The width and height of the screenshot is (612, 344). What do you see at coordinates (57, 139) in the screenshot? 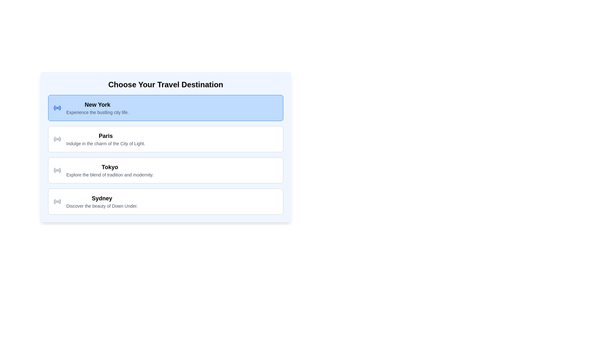
I see `the radio button styled as a circular icon with concentric rings and a central dot, located to the left of the text 'Paris' in the list titled 'Choose Your Travel Destination'` at bounding box center [57, 139].